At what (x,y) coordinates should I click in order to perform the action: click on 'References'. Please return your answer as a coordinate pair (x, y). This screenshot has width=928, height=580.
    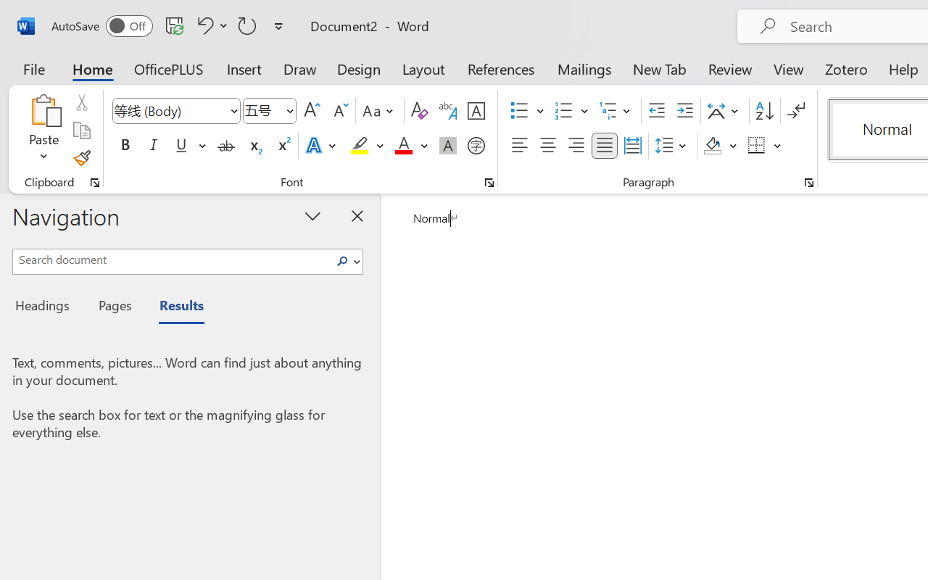
    Looking at the image, I should click on (501, 68).